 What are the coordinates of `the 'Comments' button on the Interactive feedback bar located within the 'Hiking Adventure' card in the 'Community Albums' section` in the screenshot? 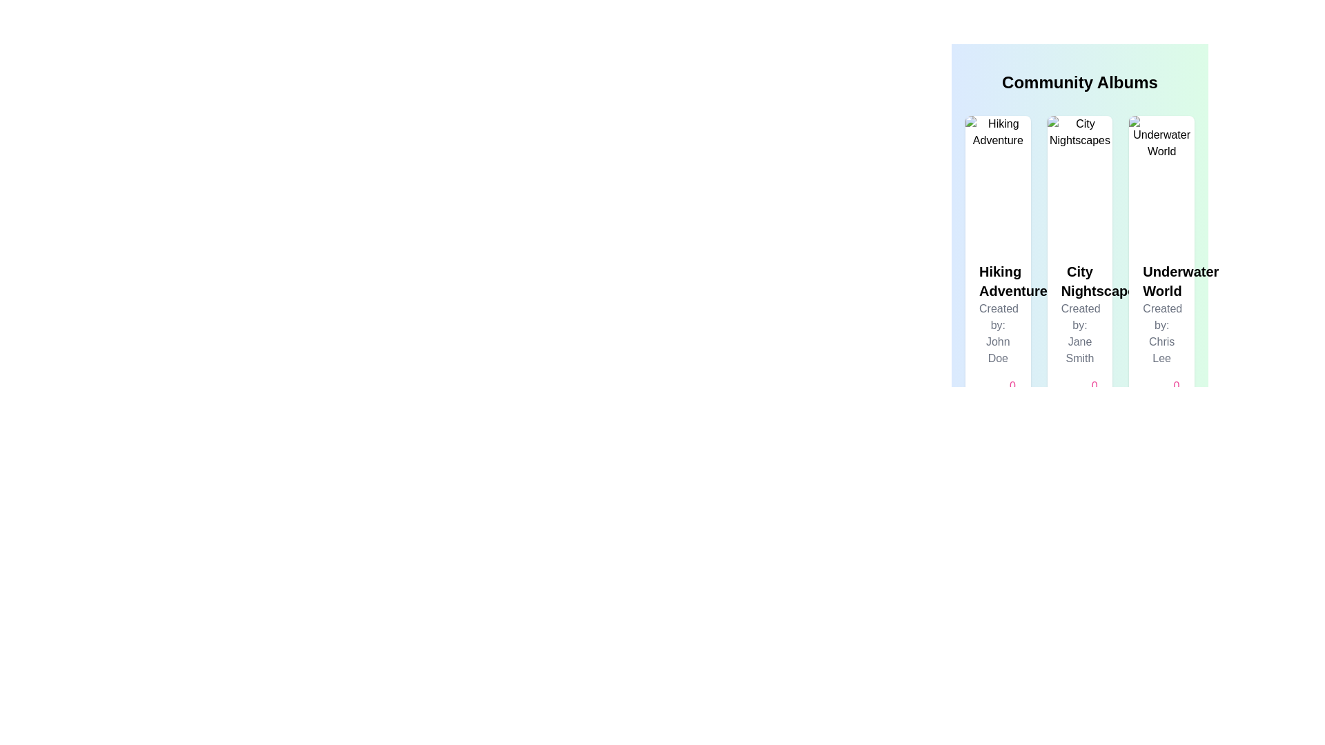 It's located at (998, 394).